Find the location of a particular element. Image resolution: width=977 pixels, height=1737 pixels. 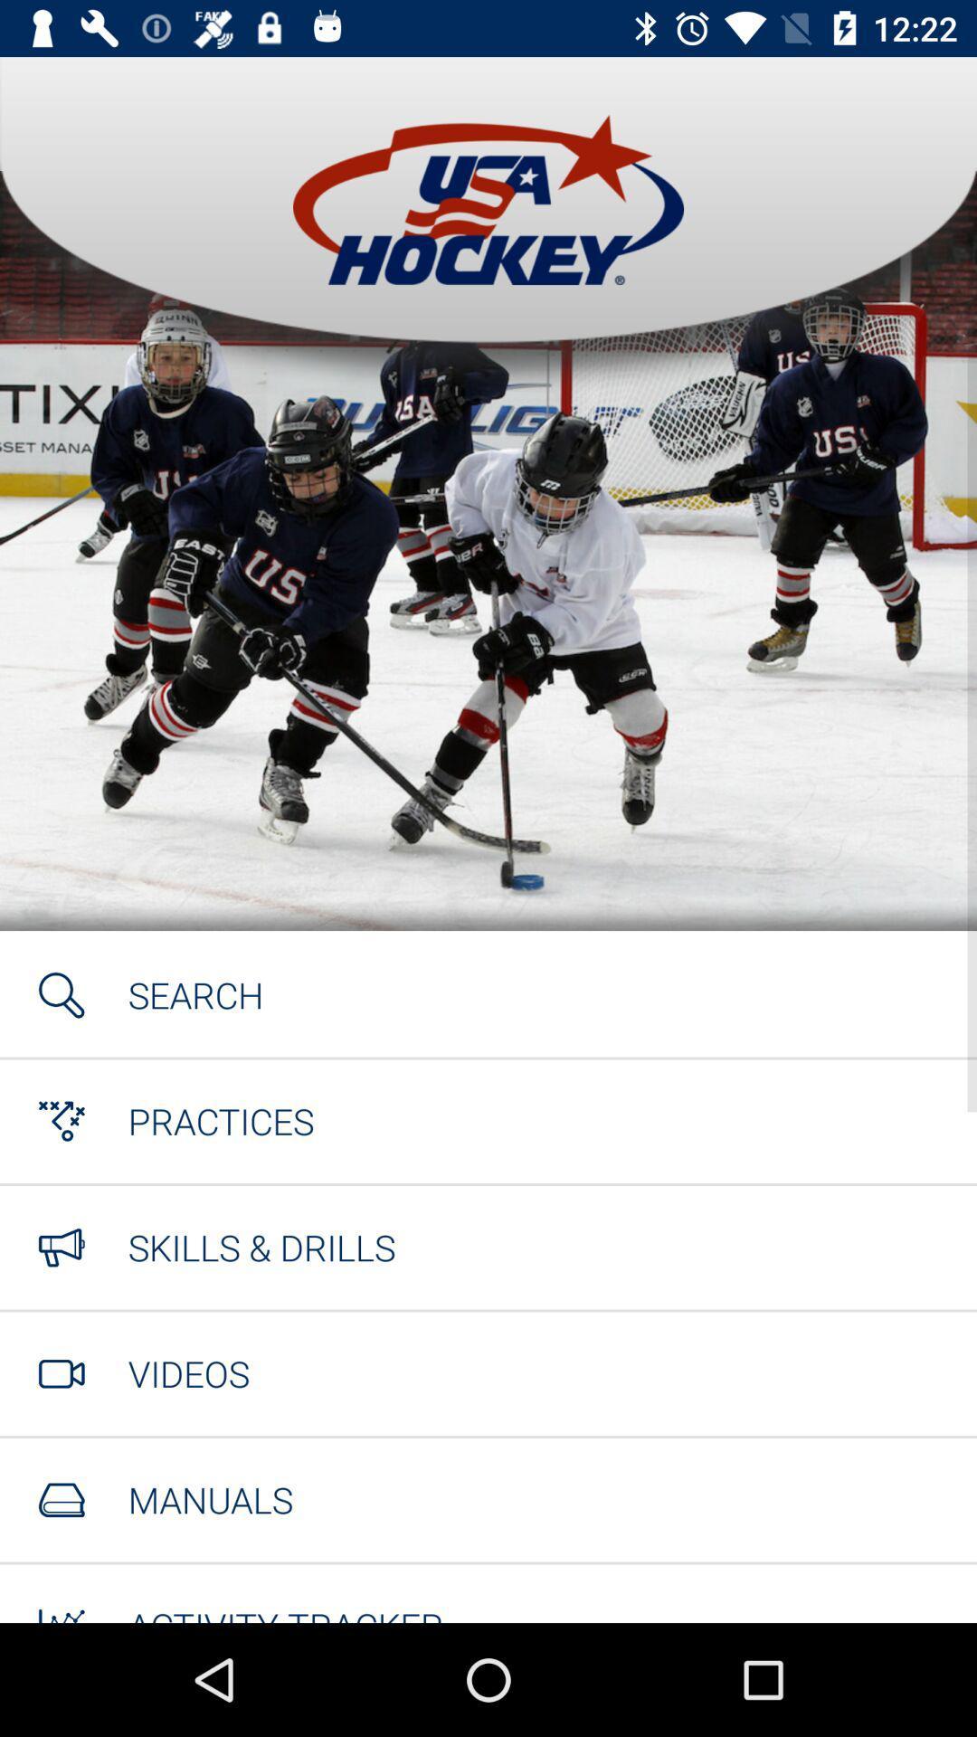

the icon below practices item is located at coordinates (261, 1246).